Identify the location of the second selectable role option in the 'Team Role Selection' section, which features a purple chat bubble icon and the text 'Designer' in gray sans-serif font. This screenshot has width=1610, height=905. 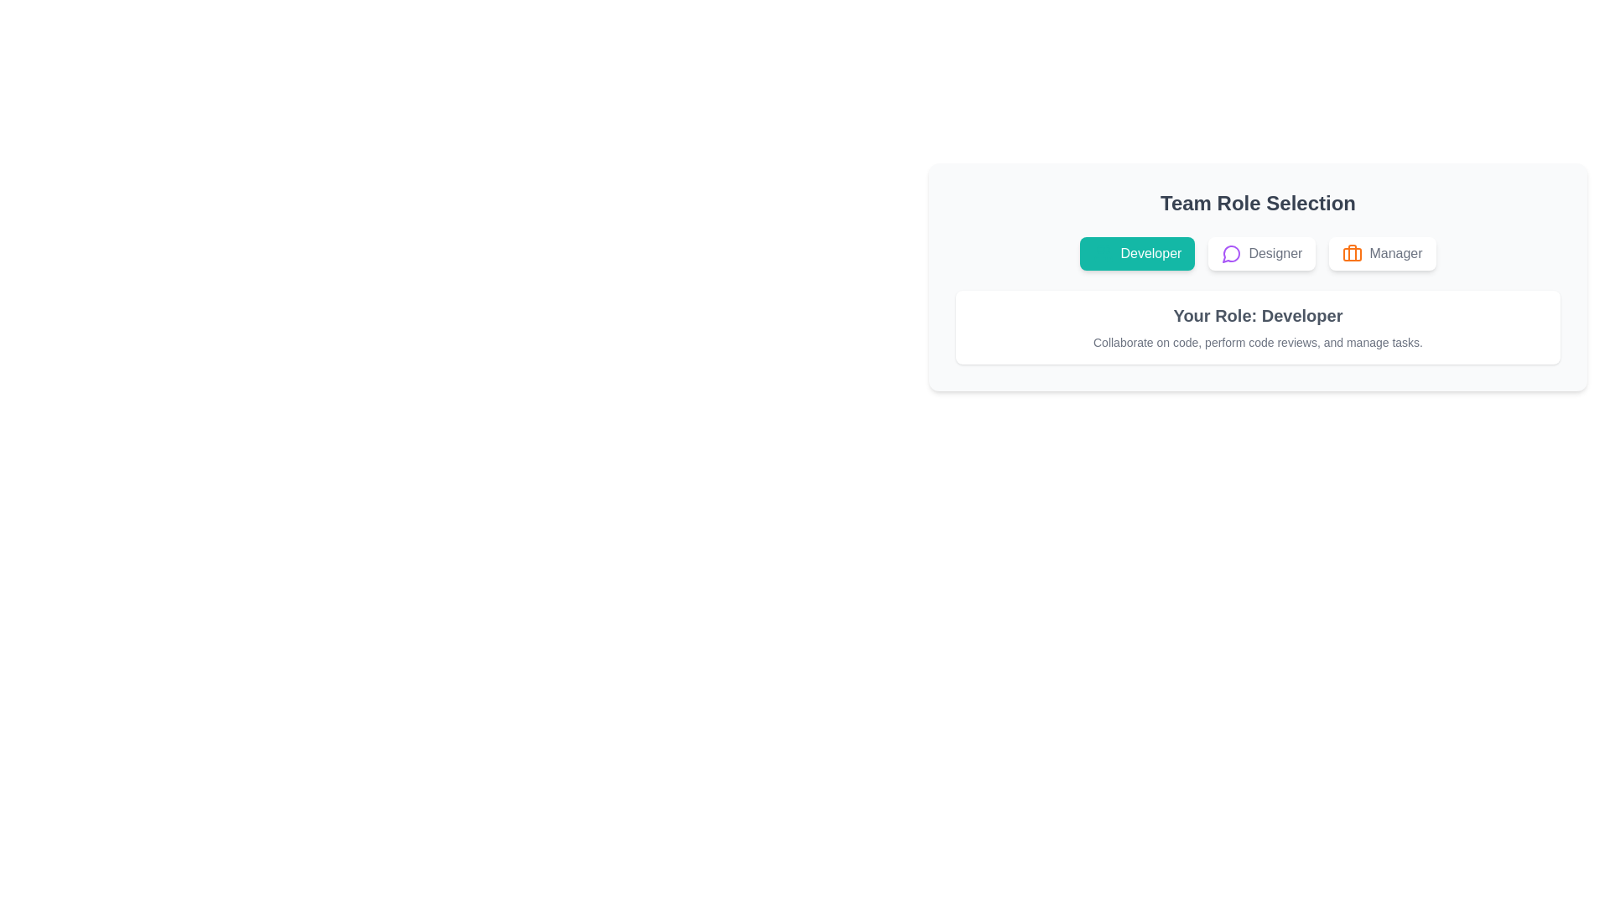
(1262, 254).